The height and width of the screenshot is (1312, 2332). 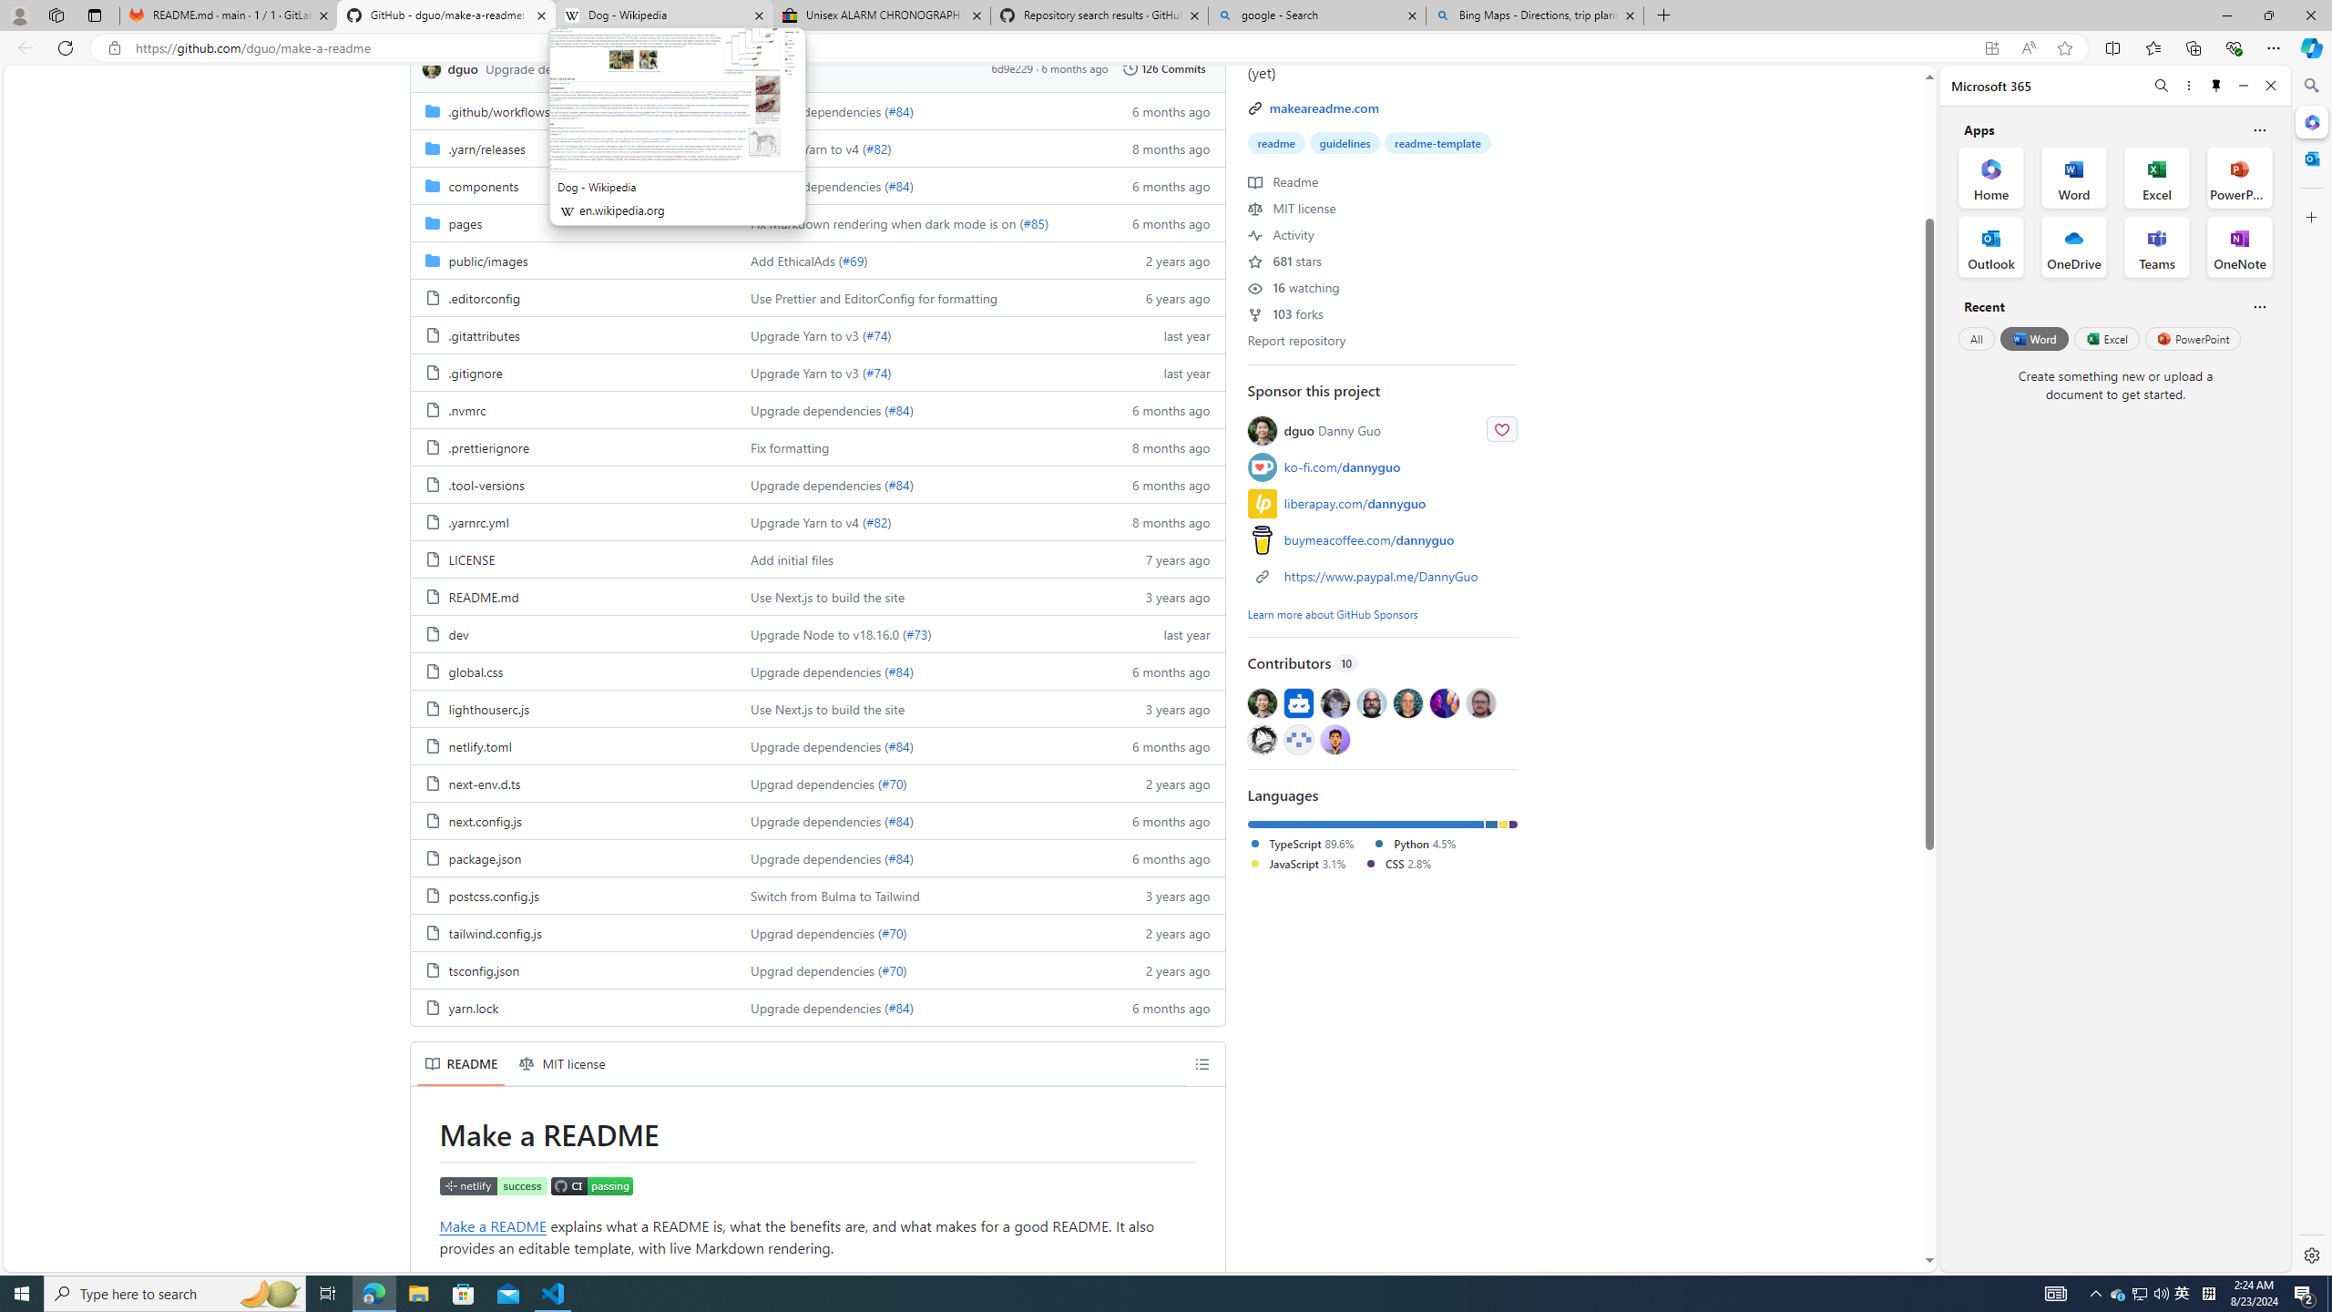 I want to click on 'components, (Directory)', so click(x=572, y=184).